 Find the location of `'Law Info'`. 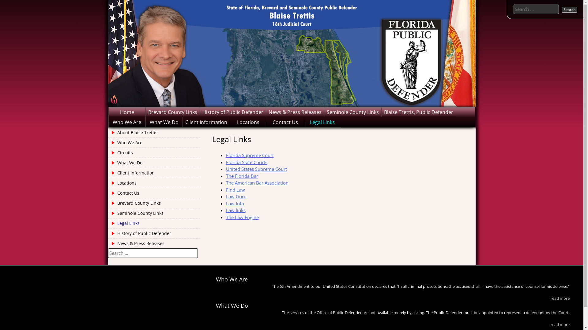

'Law Info' is located at coordinates (235, 204).